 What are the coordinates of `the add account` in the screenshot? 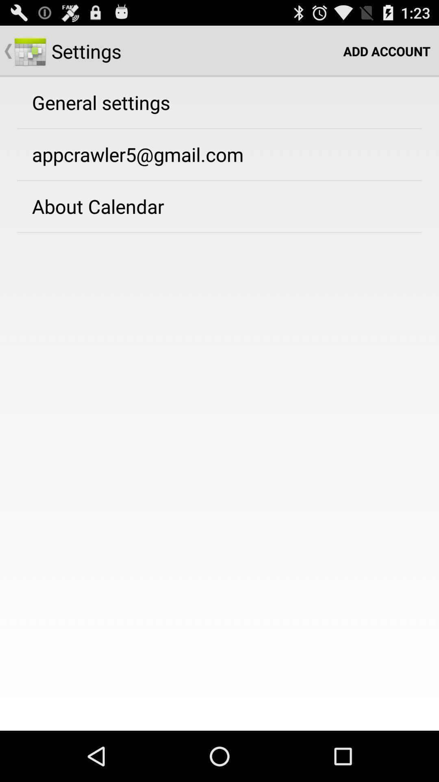 It's located at (386, 51).